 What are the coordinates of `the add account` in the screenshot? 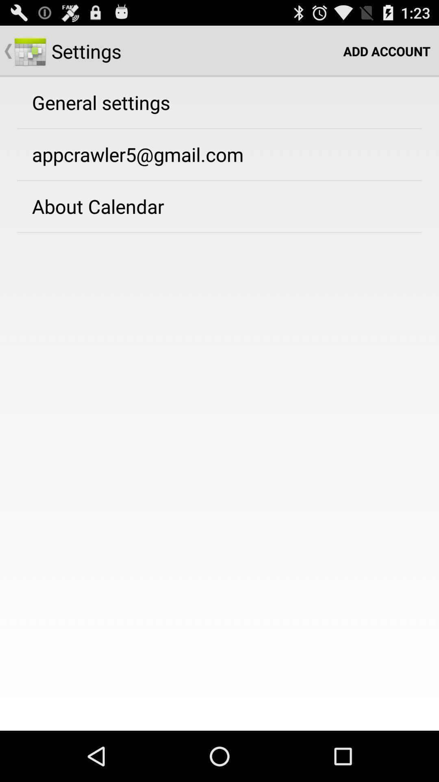 It's located at (386, 51).